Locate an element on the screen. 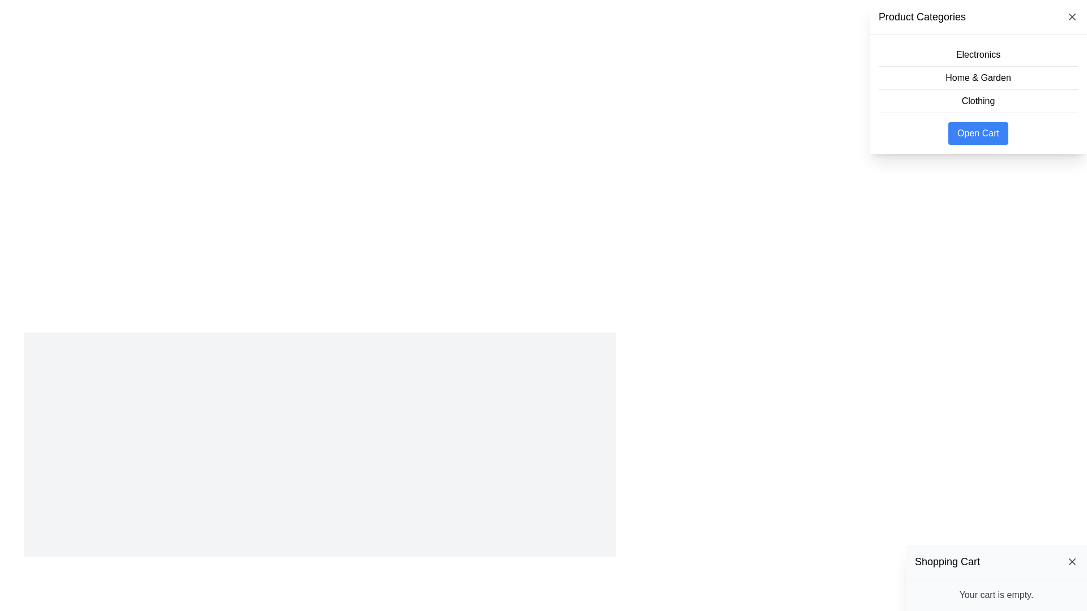 Image resolution: width=1087 pixels, height=611 pixels. the 'Home & Garden' text label, which is the second item in the 'Product Categories' menu is located at coordinates (978, 78).